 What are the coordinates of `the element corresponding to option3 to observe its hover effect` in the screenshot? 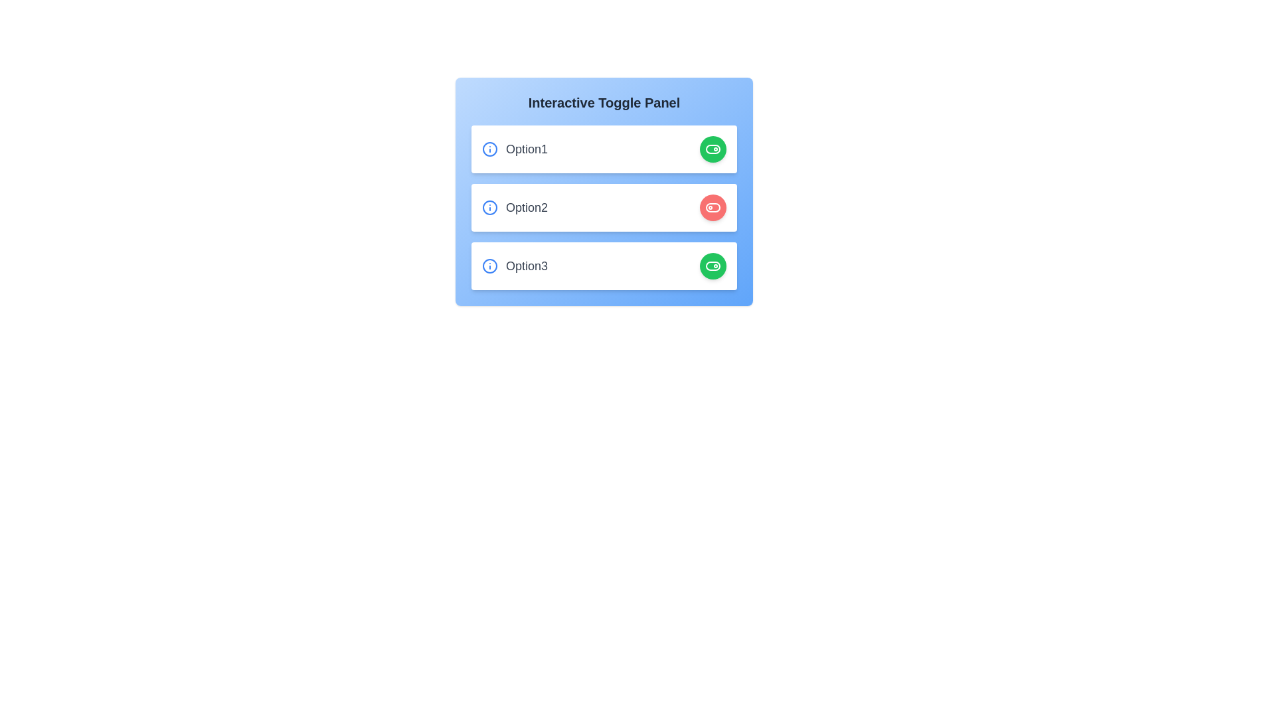 It's located at (604, 266).